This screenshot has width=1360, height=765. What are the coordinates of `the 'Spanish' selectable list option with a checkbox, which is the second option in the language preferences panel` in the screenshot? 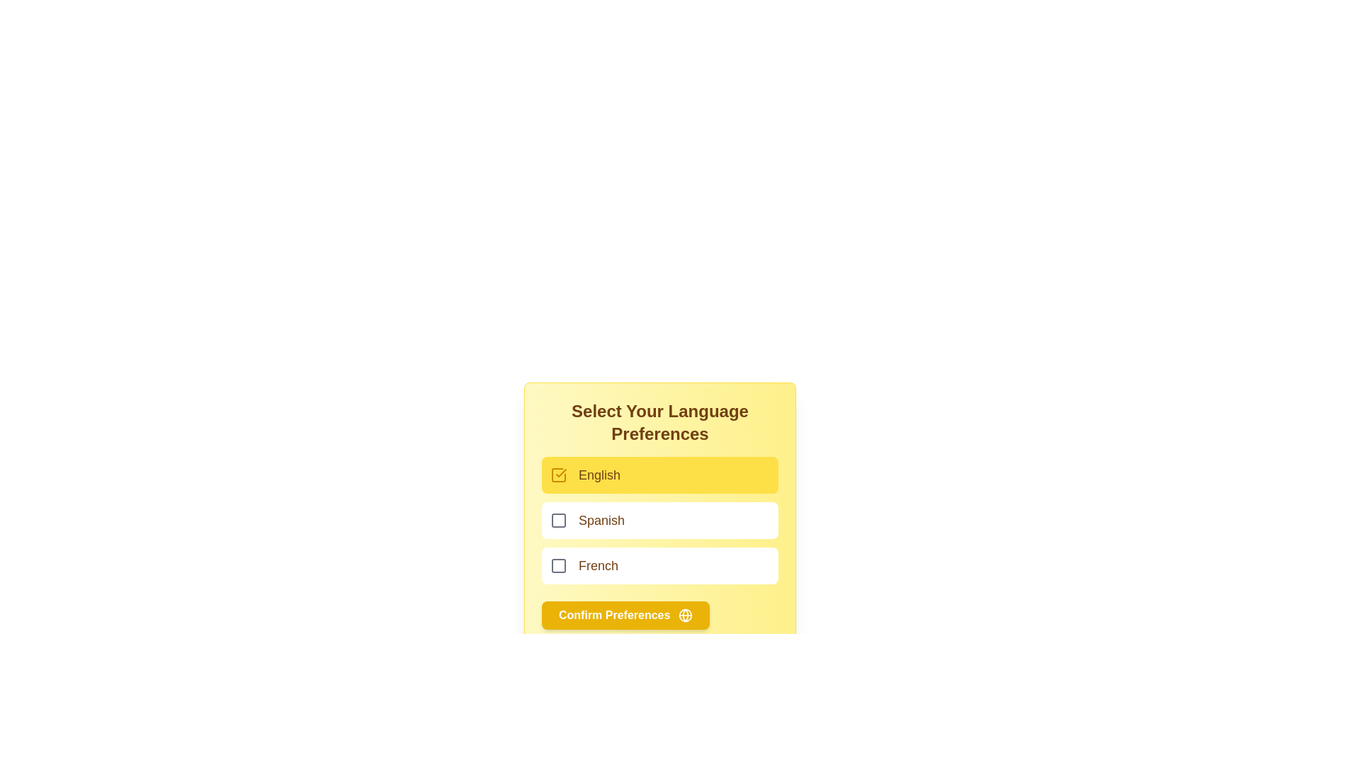 It's located at (659, 521).